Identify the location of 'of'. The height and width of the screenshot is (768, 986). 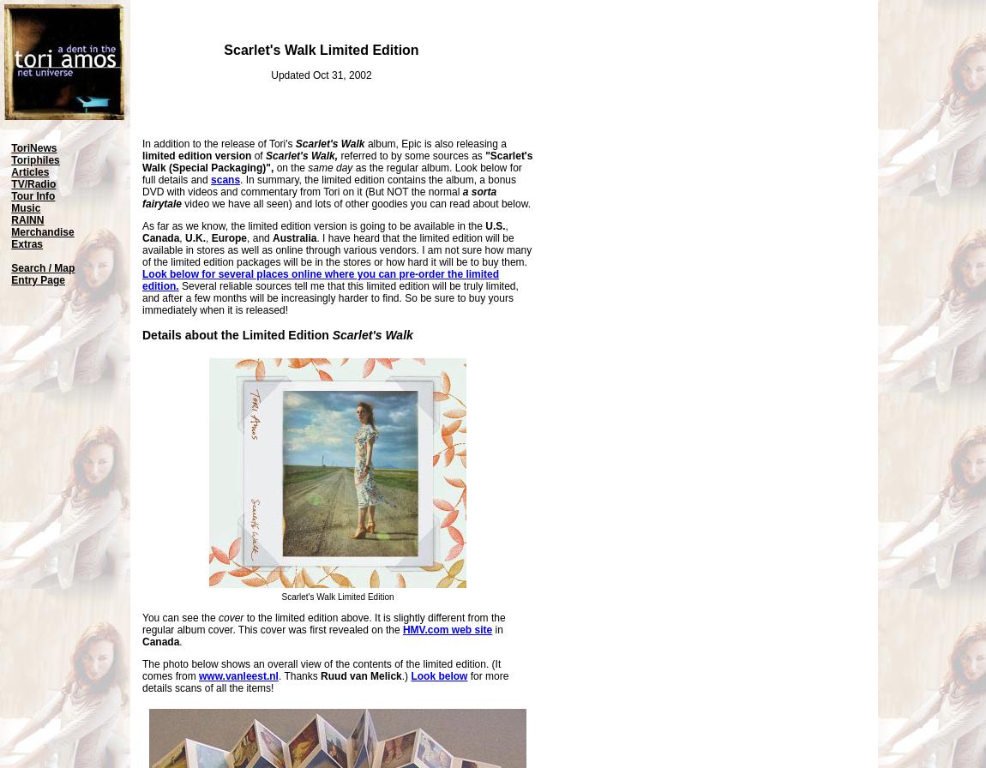
(251, 155).